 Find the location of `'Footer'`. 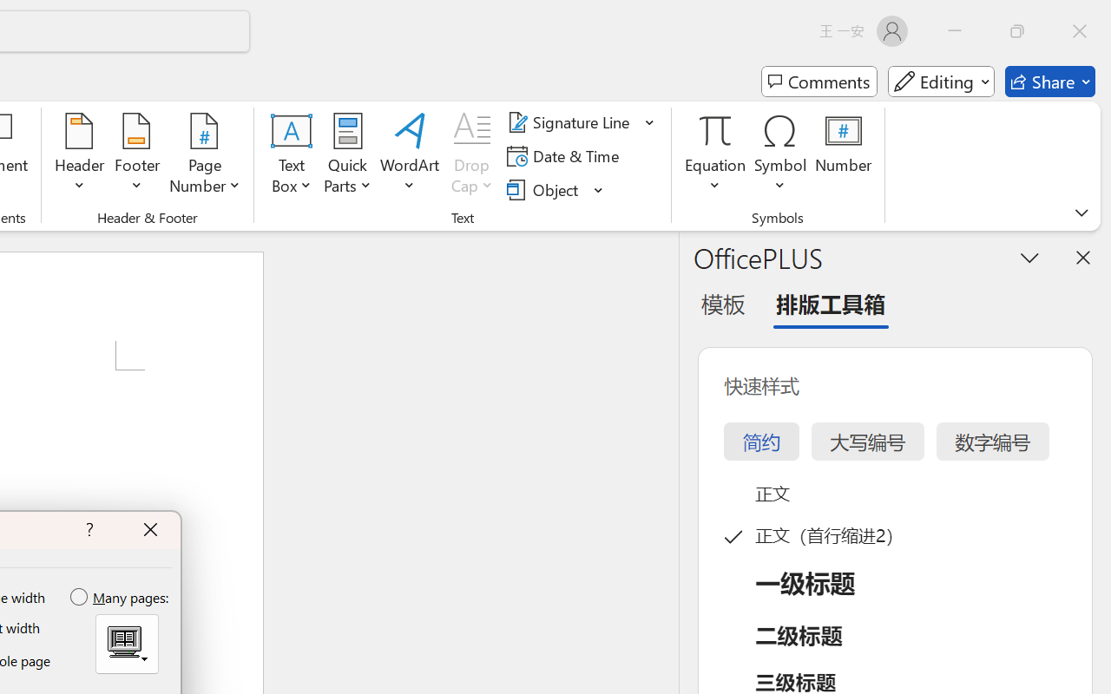

'Footer' is located at coordinates (136, 155).